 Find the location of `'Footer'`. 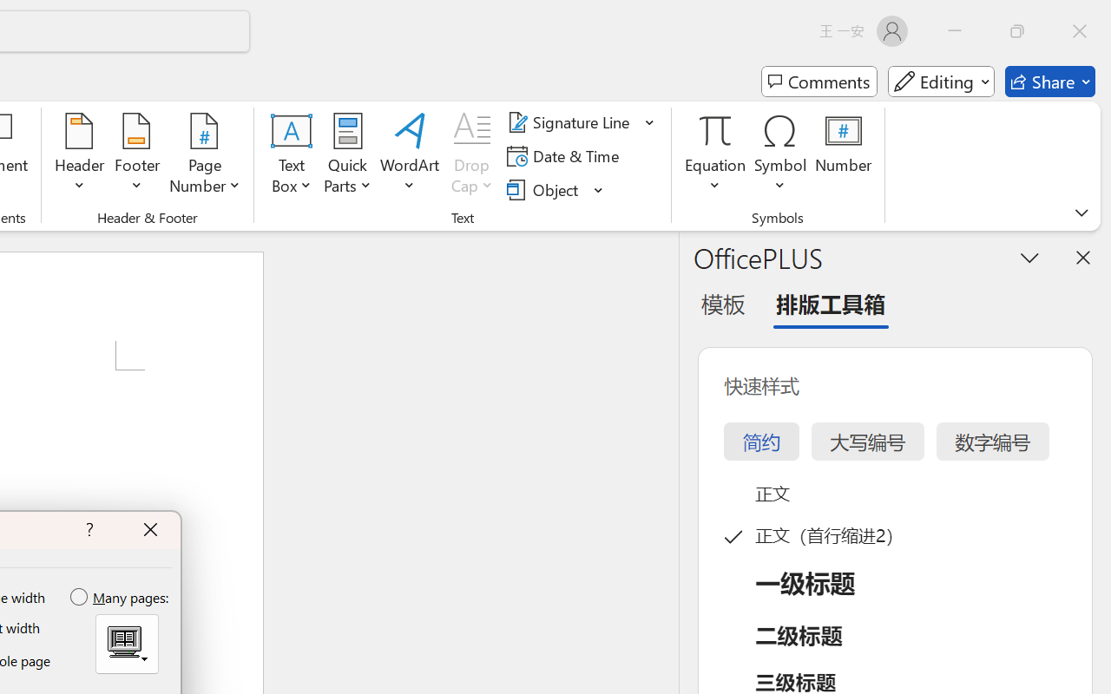

'Footer' is located at coordinates (136, 155).